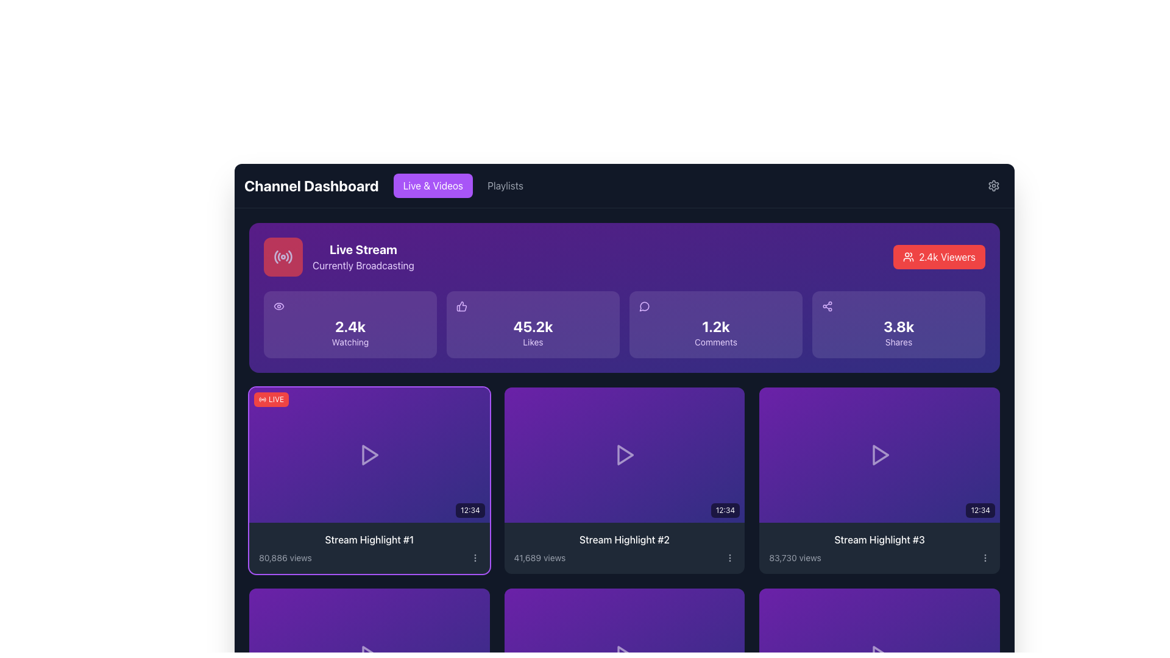 This screenshot has width=1170, height=658. I want to click on the cogwheel icon representing settings located, so click(994, 185).